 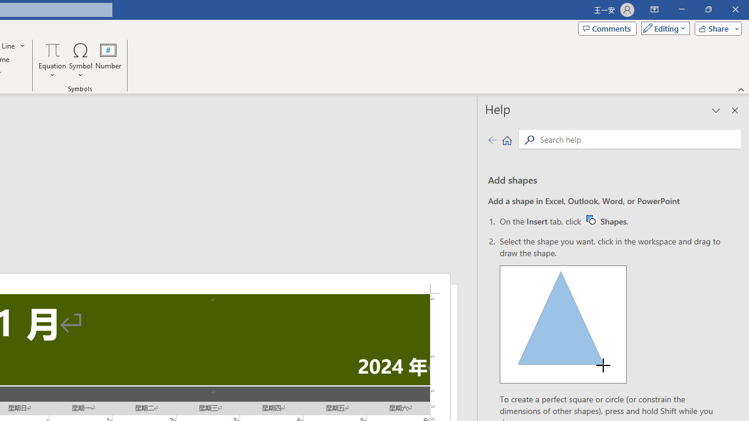 I want to click on 'Close pane', so click(x=734, y=111).